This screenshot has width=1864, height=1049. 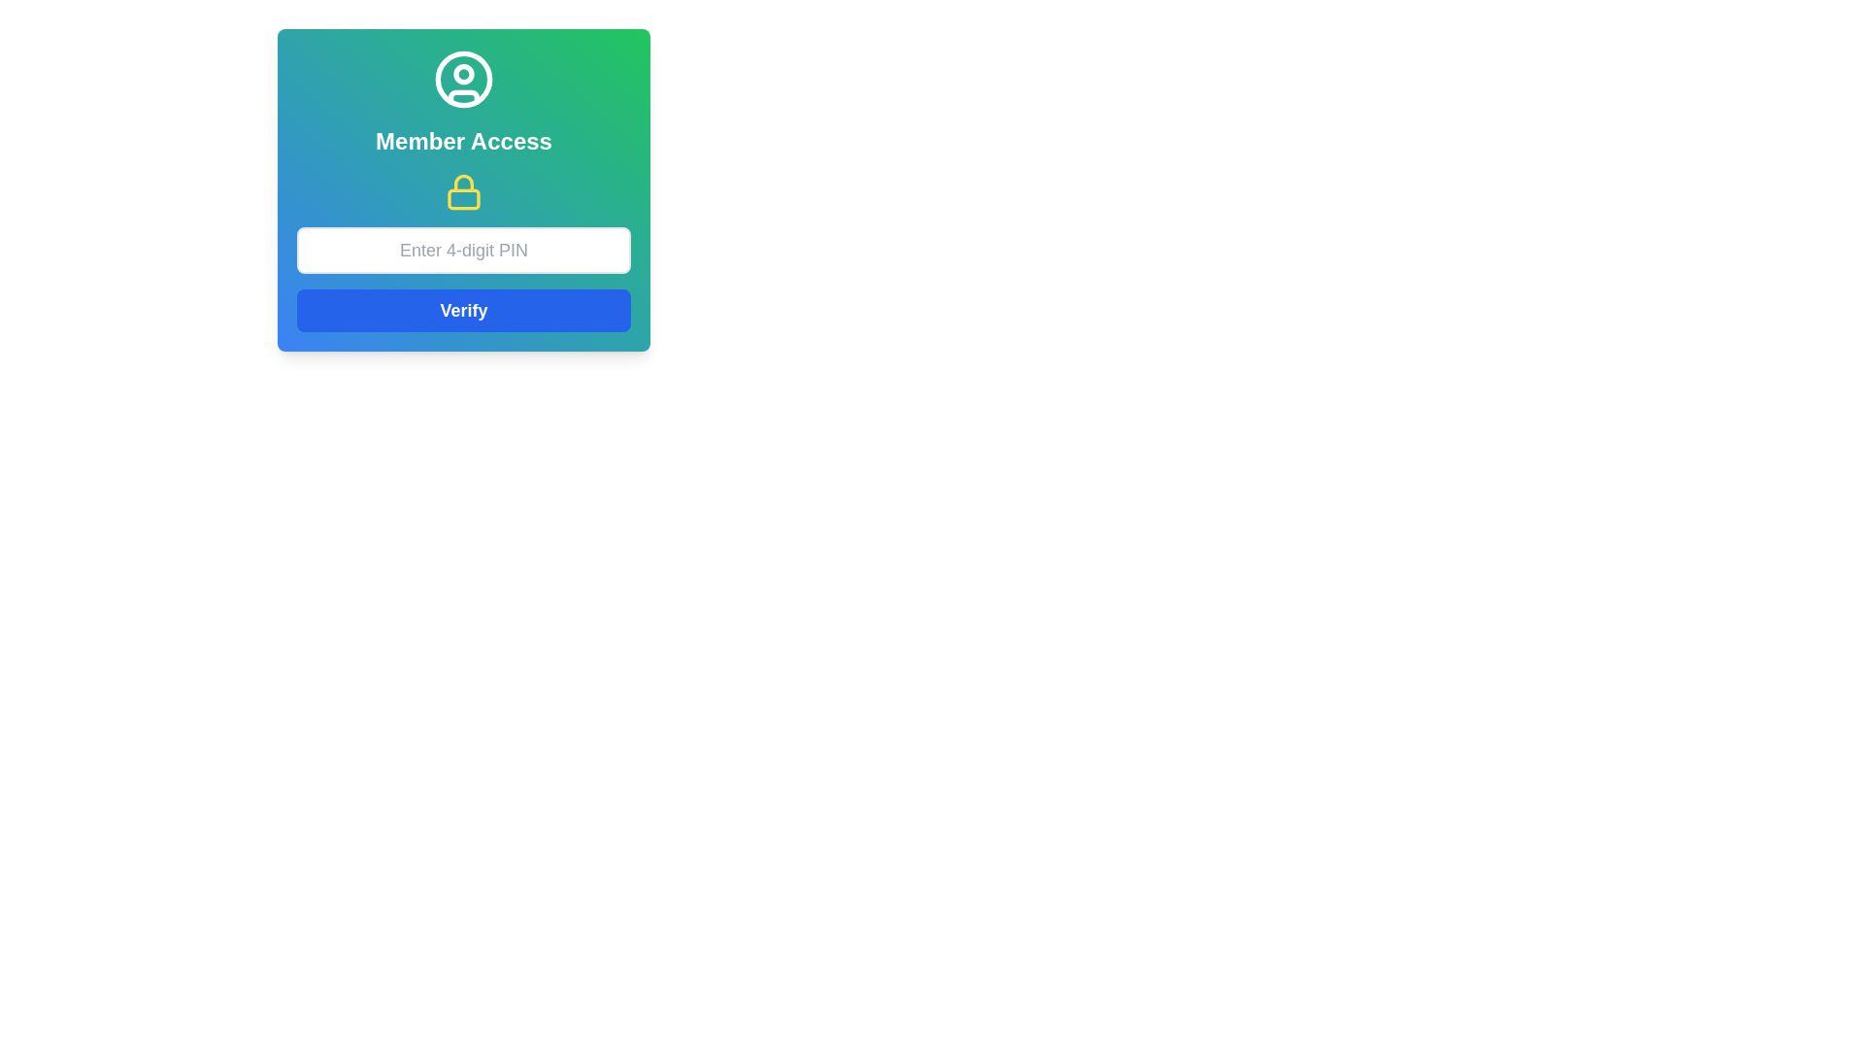 What do you see at coordinates (463, 191) in the screenshot?
I see `the security icon located centrally below the 'Member Access' text and above the 'Enter 4-digit PIN' input box` at bounding box center [463, 191].